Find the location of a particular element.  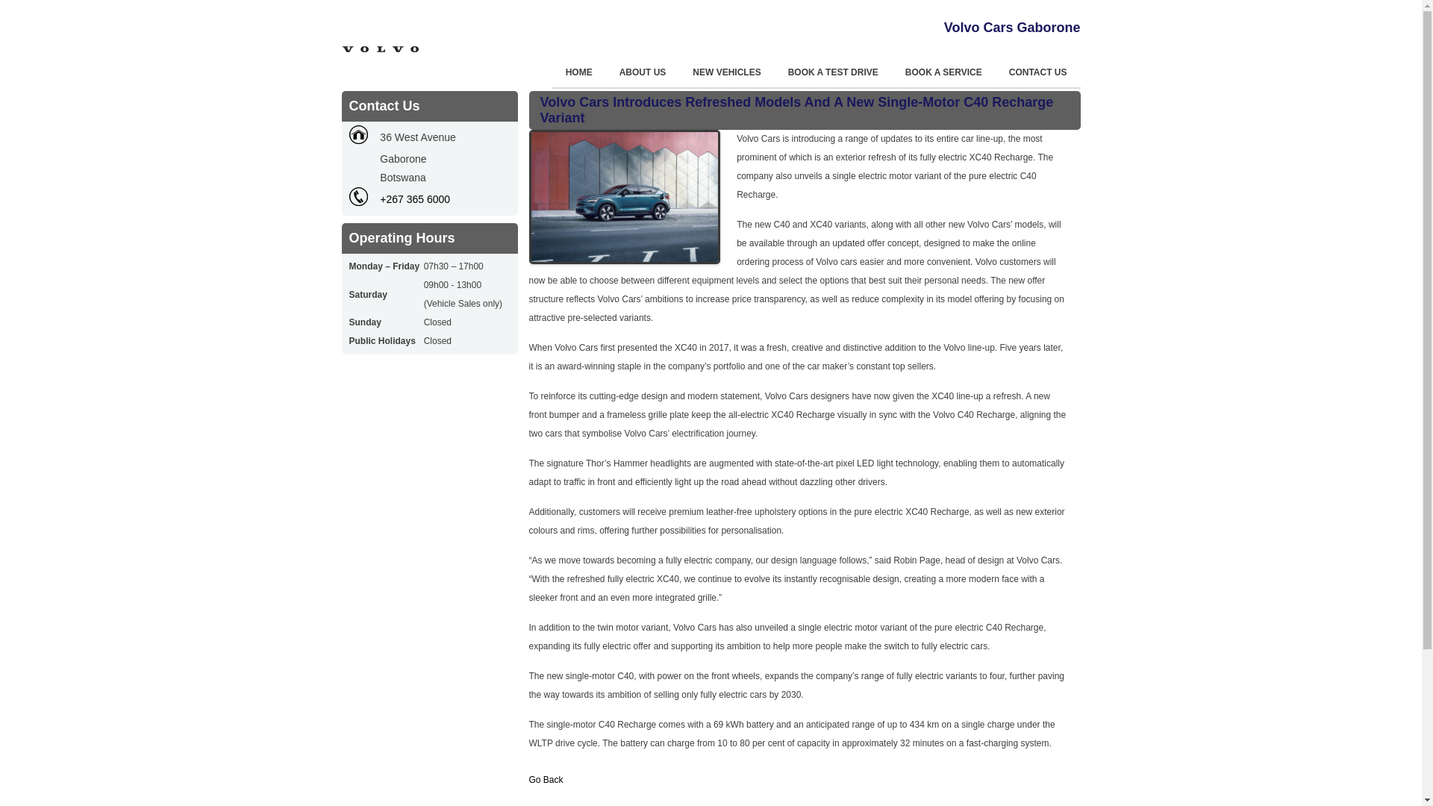

'BOOK A TEST DRIVE' is located at coordinates (832, 72).